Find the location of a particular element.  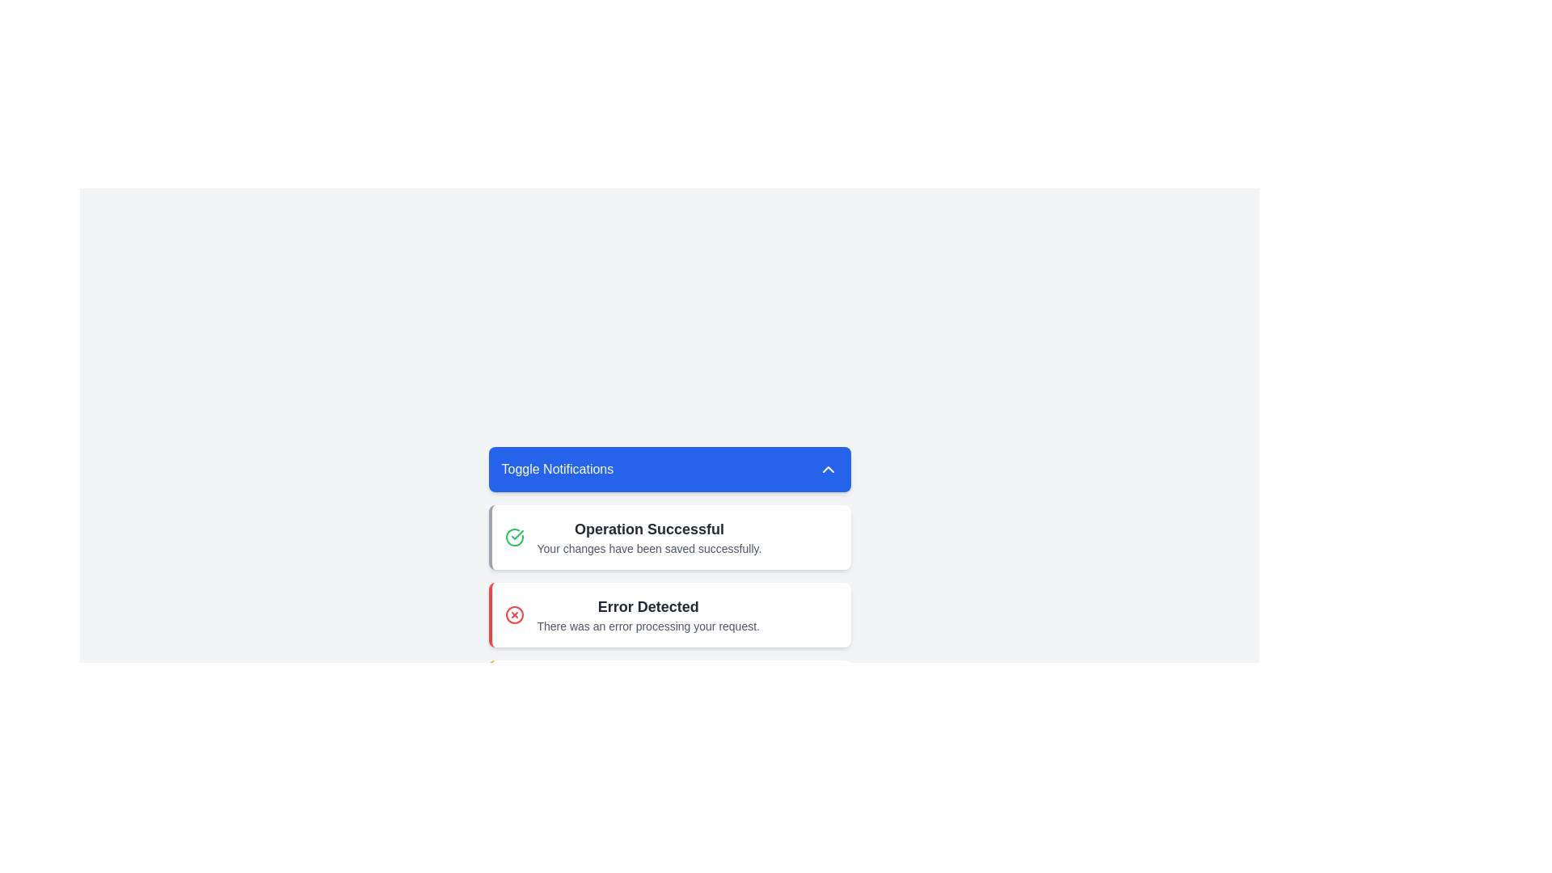

message from the Notification card located beneath the 'Toggle Notifications' button, which is the first item in the vertically stacked list of notification cards is located at coordinates (669, 537).